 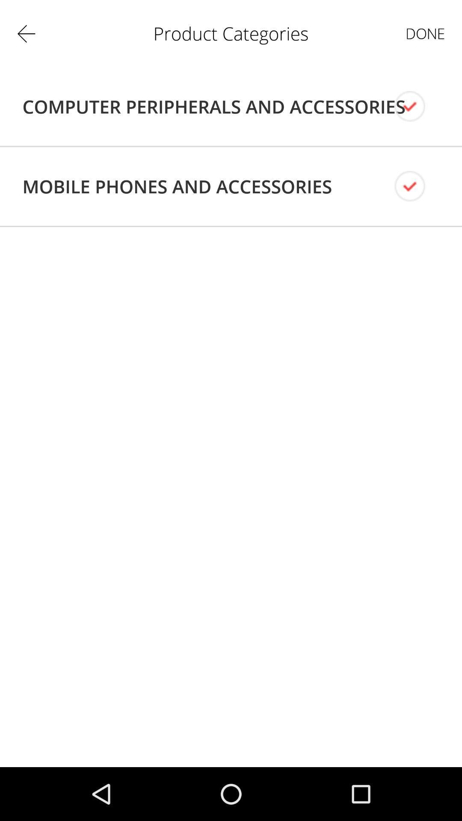 What do you see at coordinates (417, 106) in the screenshot?
I see `inclusion of computer peripherals` at bounding box center [417, 106].